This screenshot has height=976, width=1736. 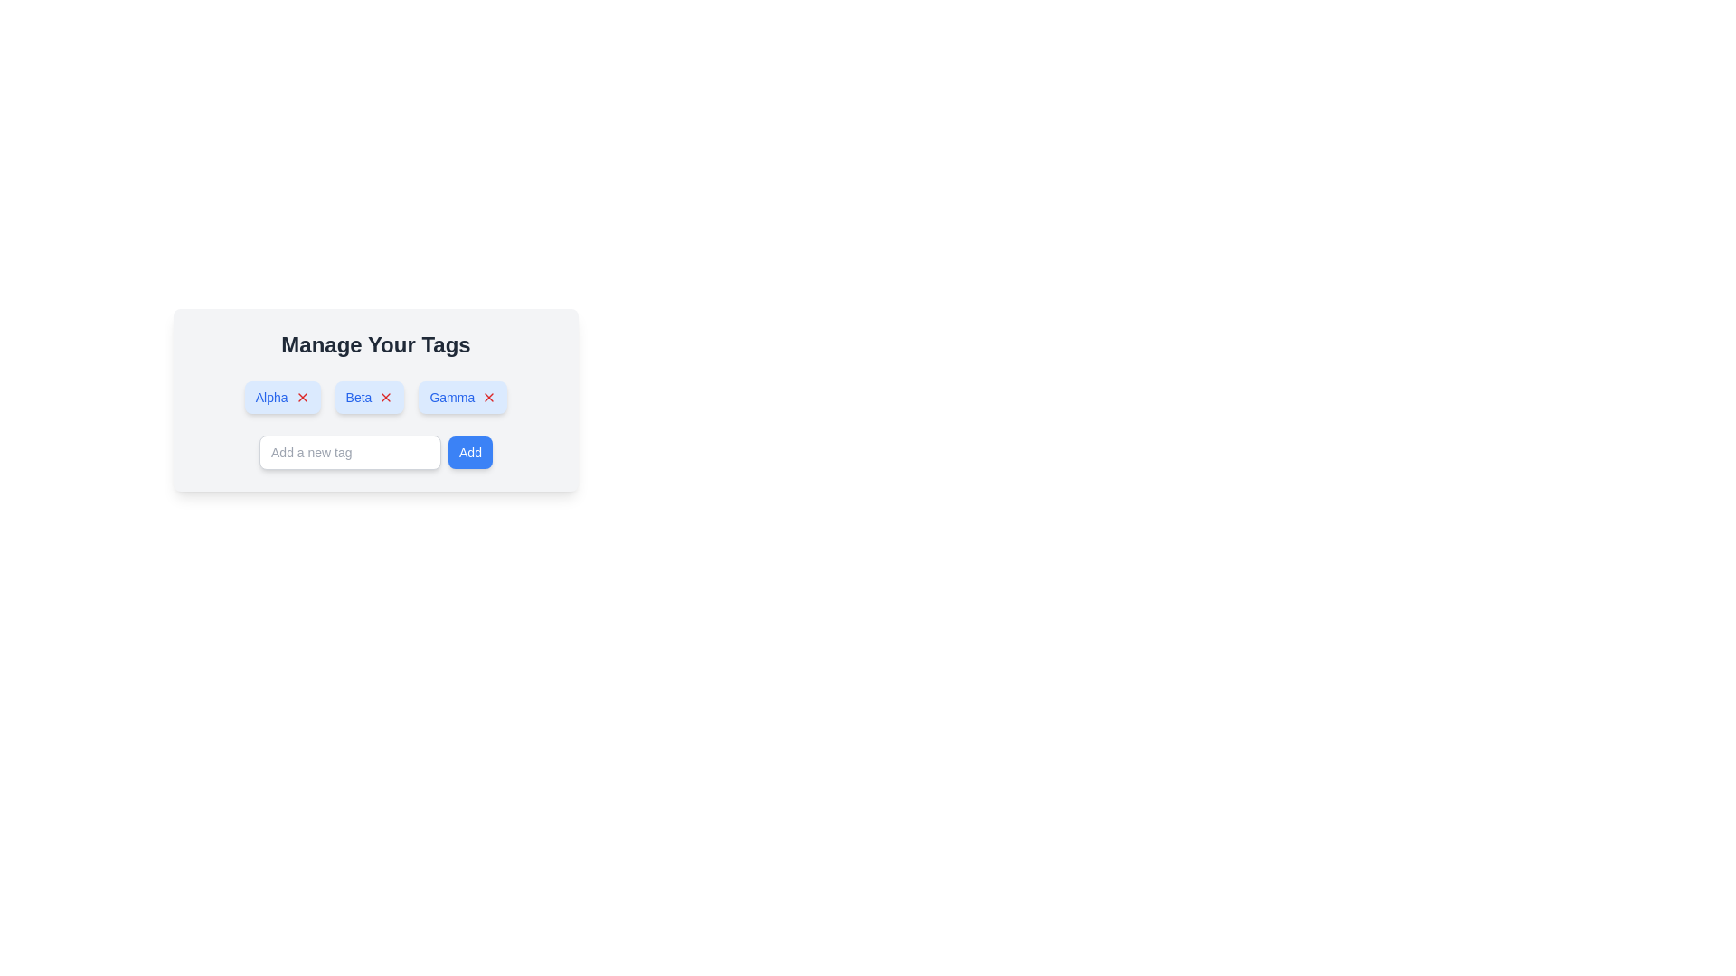 I want to click on the deletion button for the 'Beta' tag, so click(x=385, y=396).